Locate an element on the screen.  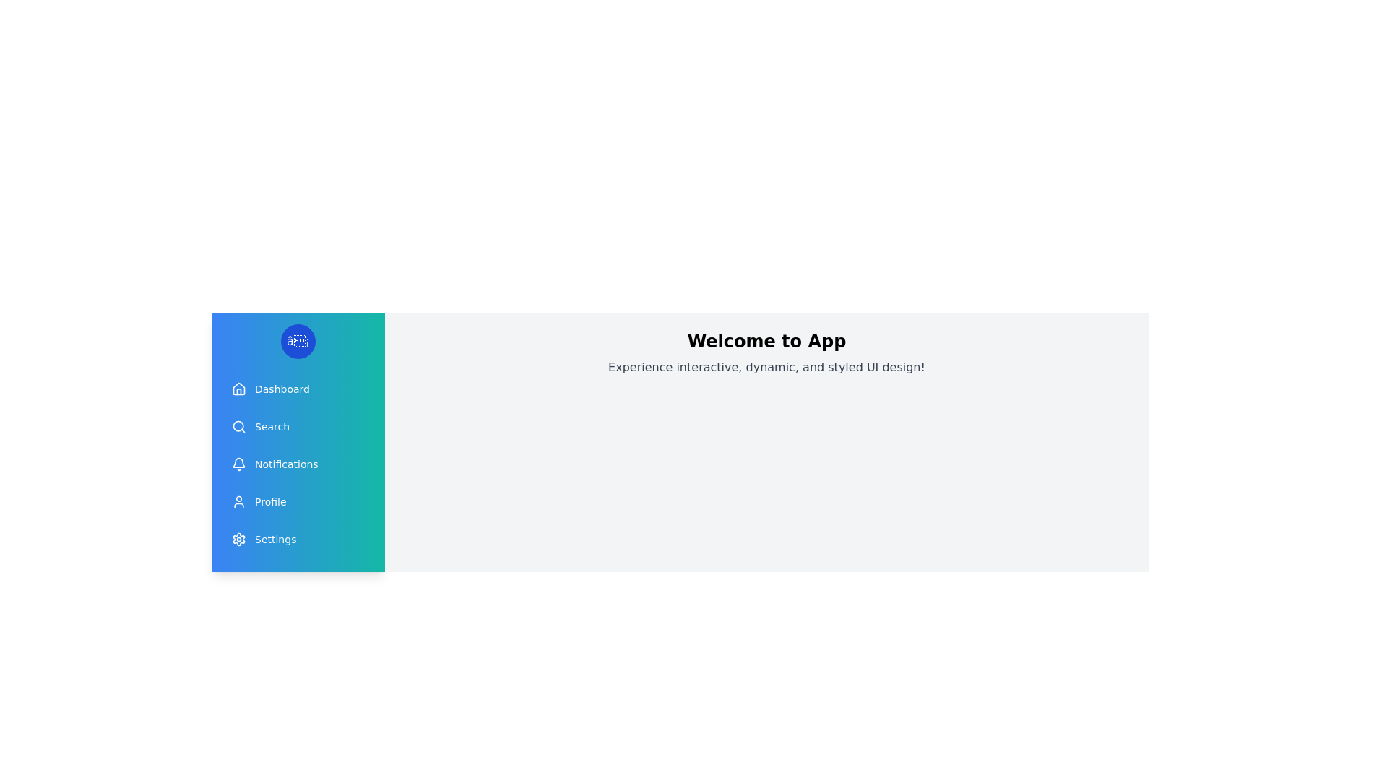
the toggle button to toggle the drawer open/close state is located at coordinates (297, 342).